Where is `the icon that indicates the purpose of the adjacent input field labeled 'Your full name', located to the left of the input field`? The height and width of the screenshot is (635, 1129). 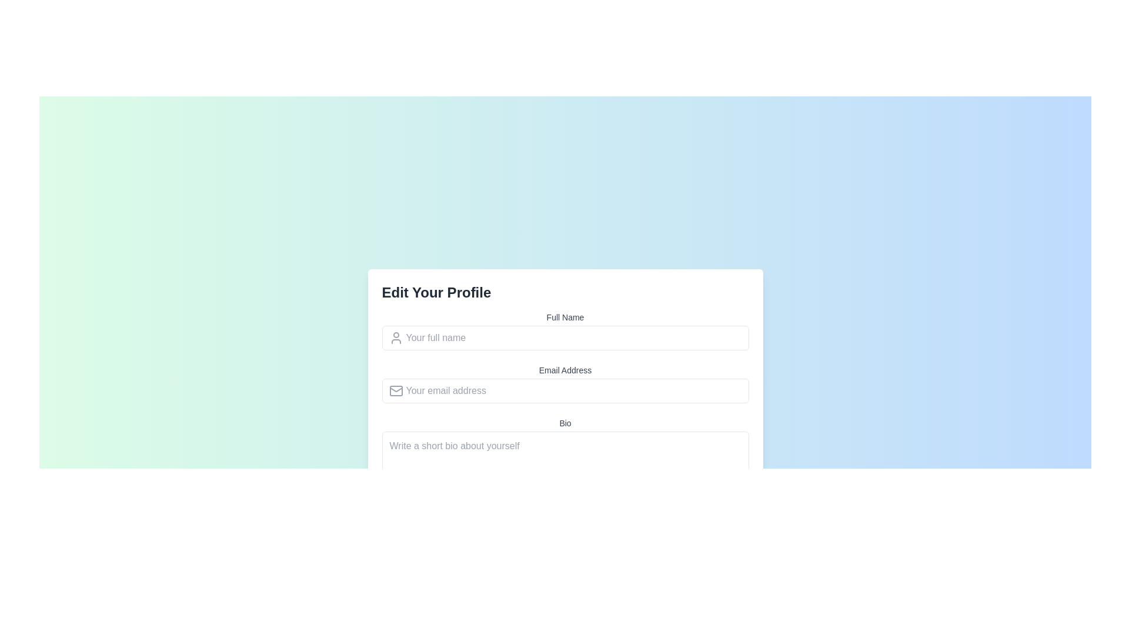 the icon that indicates the purpose of the adjacent input field labeled 'Your full name', located to the left of the input field is located at coordinates (396, 337).